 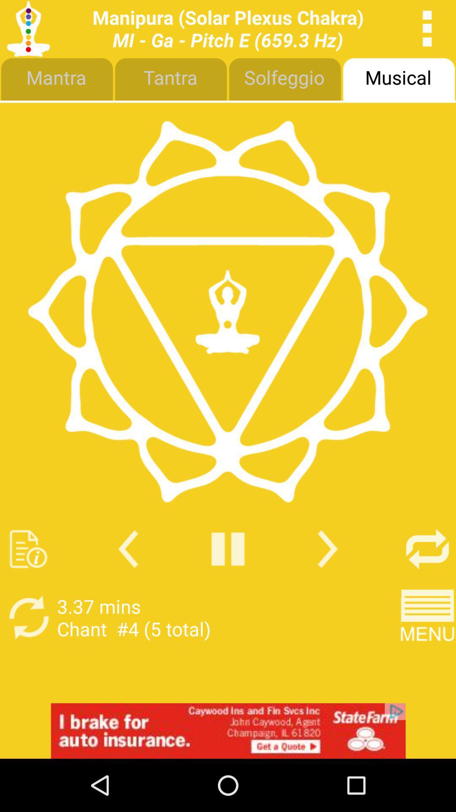 I want to click on next track, so click(x=327, y=549).